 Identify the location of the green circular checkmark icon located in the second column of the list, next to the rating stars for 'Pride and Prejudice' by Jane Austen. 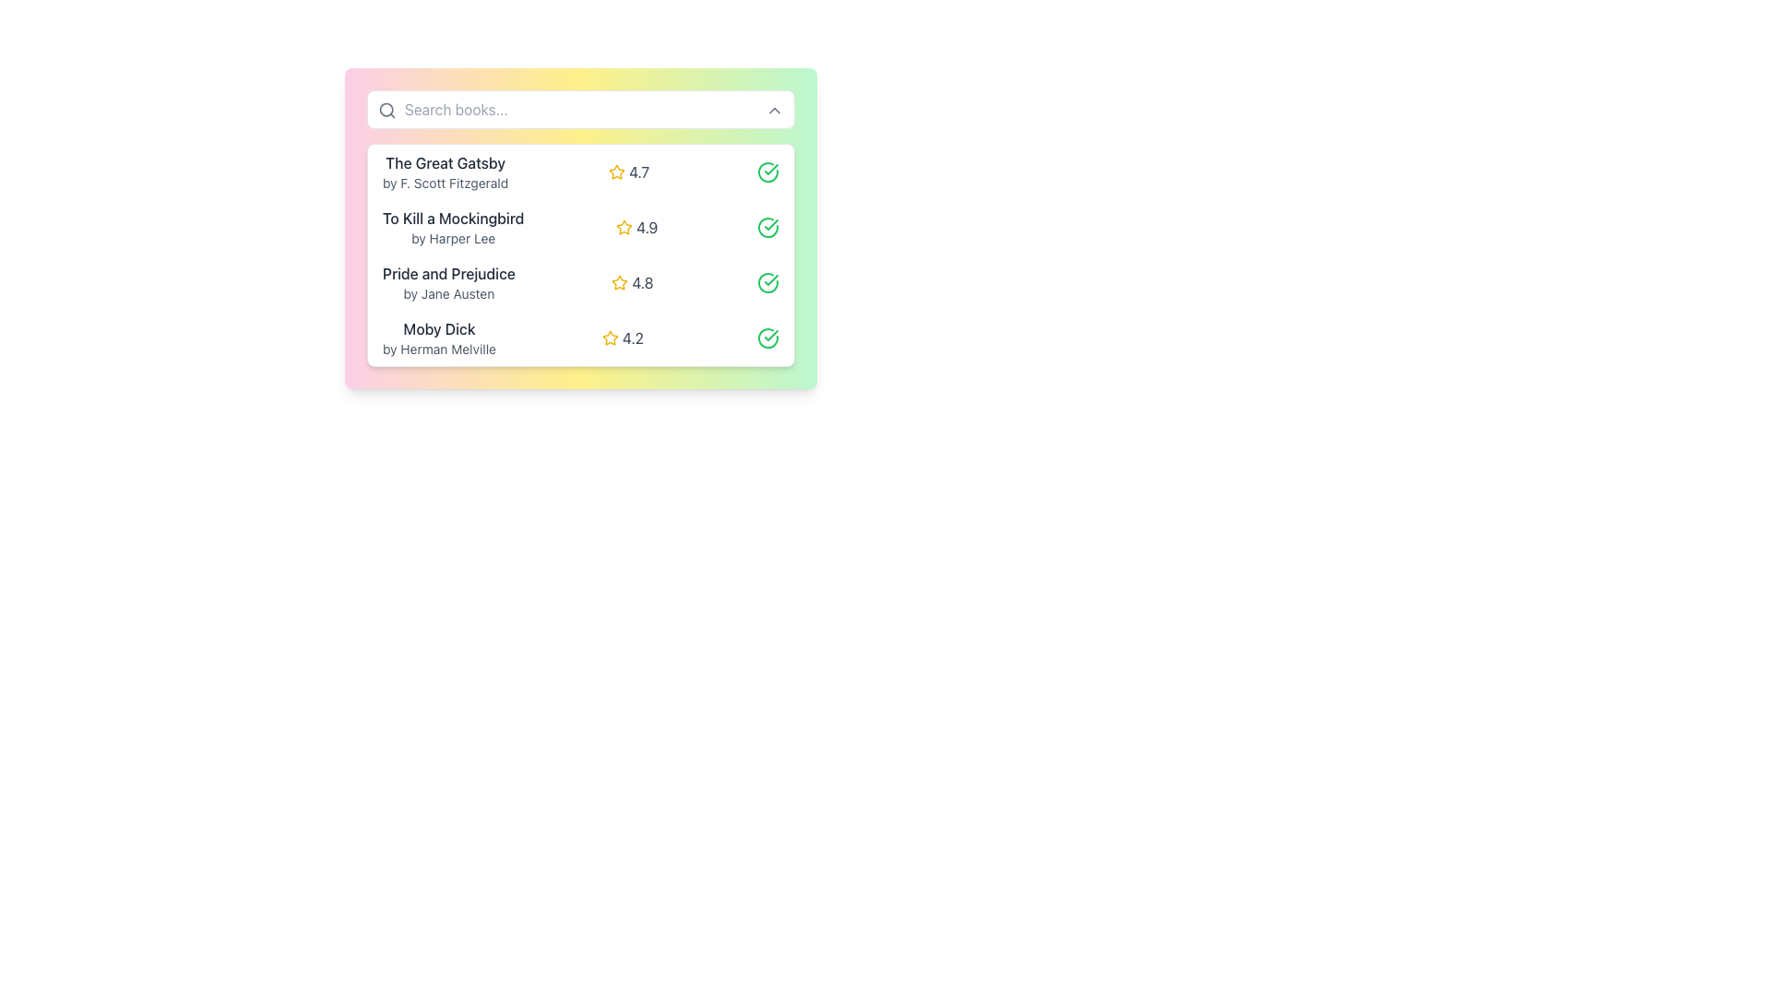
(771, 170).